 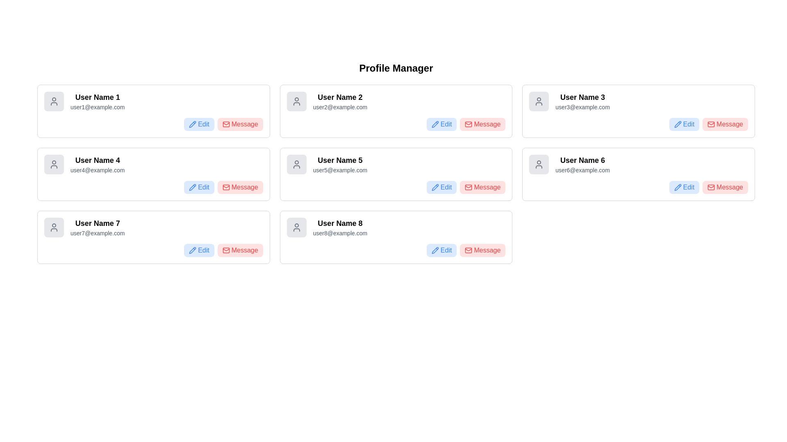 What do you see at coordinates (434, 187) in the screenshot?
I see `the pencil icon within the blue 'Edit' button` at bounding box center [434, 187].